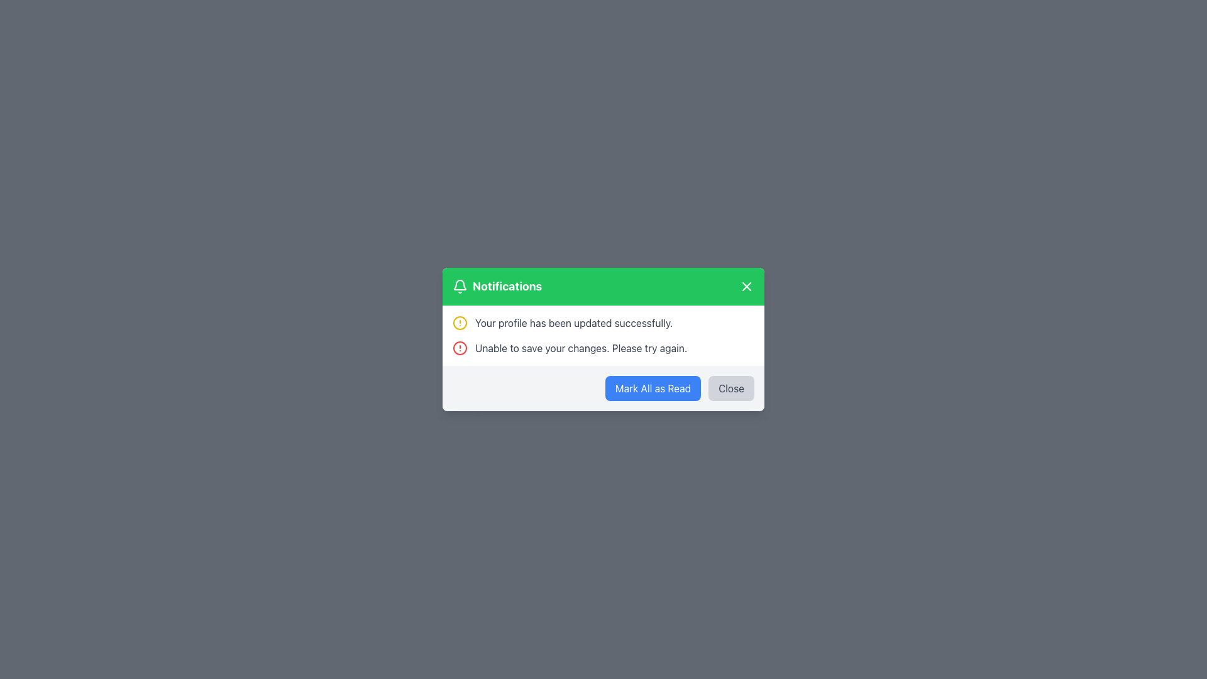 The image size is (1207, 679). Describe the element at coordinates (747, 286) in the screenshot. I see `the close button (icon-based) located in the top-right corner of the green header bar` at that location.